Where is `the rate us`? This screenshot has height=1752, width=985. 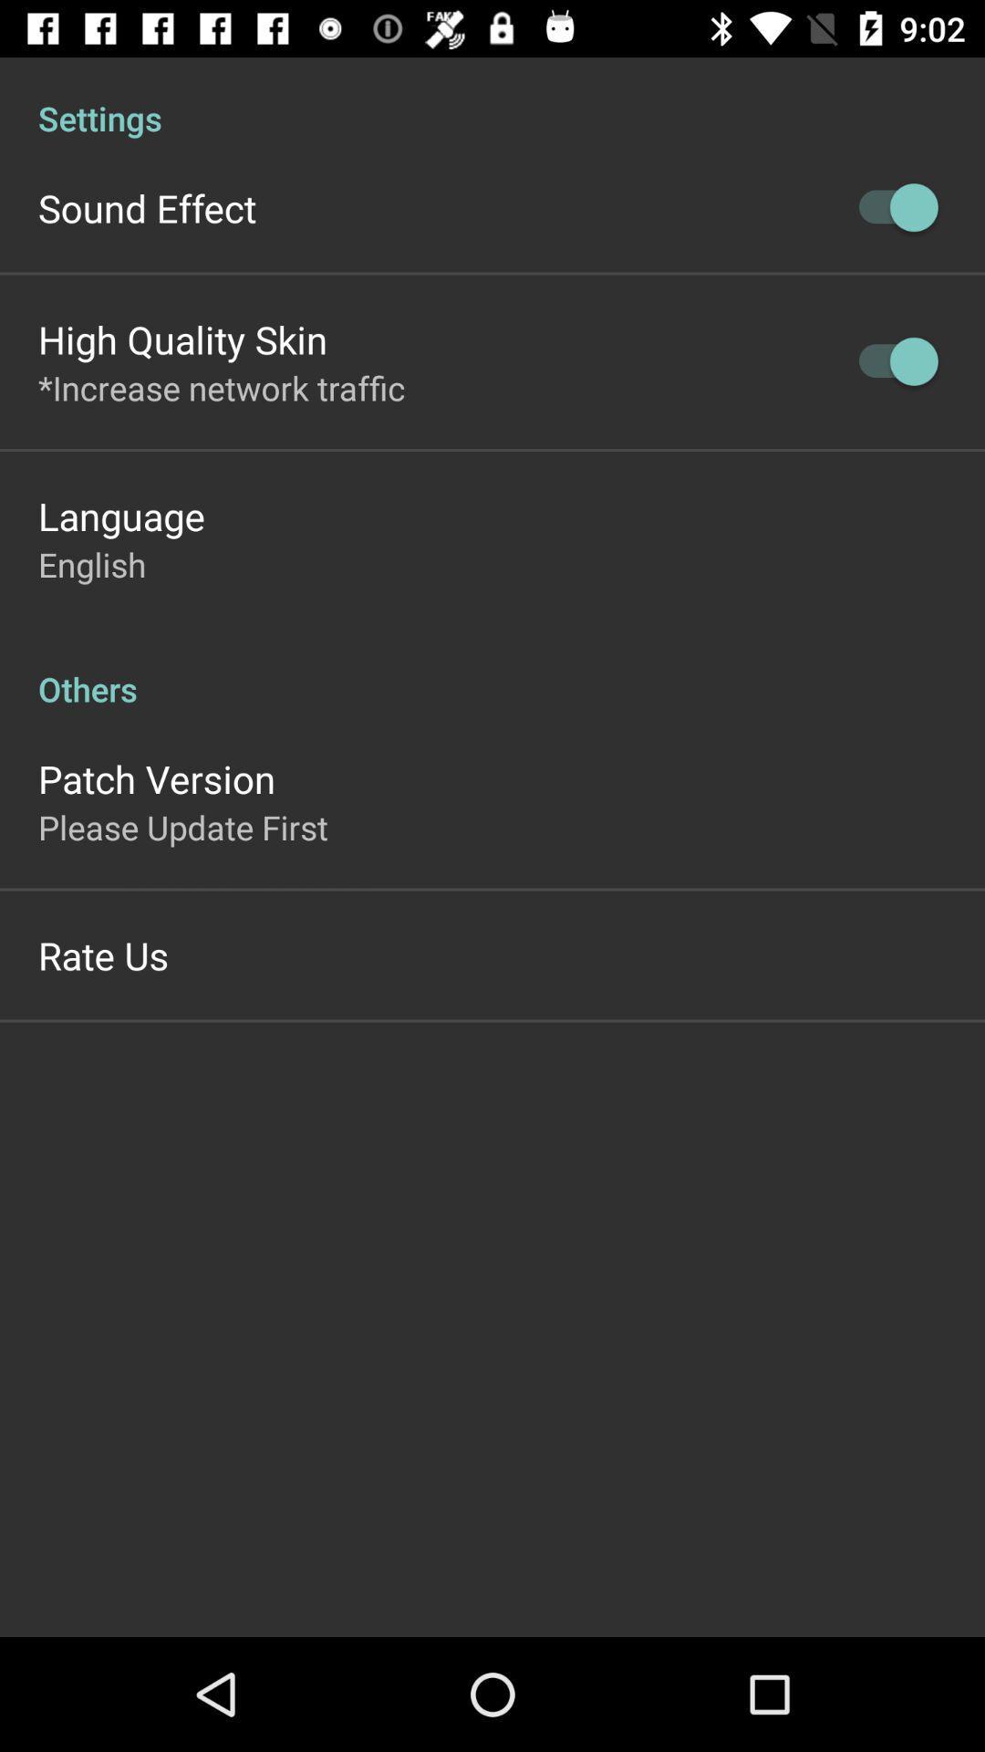
the rate us is located at coordinates (103, 954).